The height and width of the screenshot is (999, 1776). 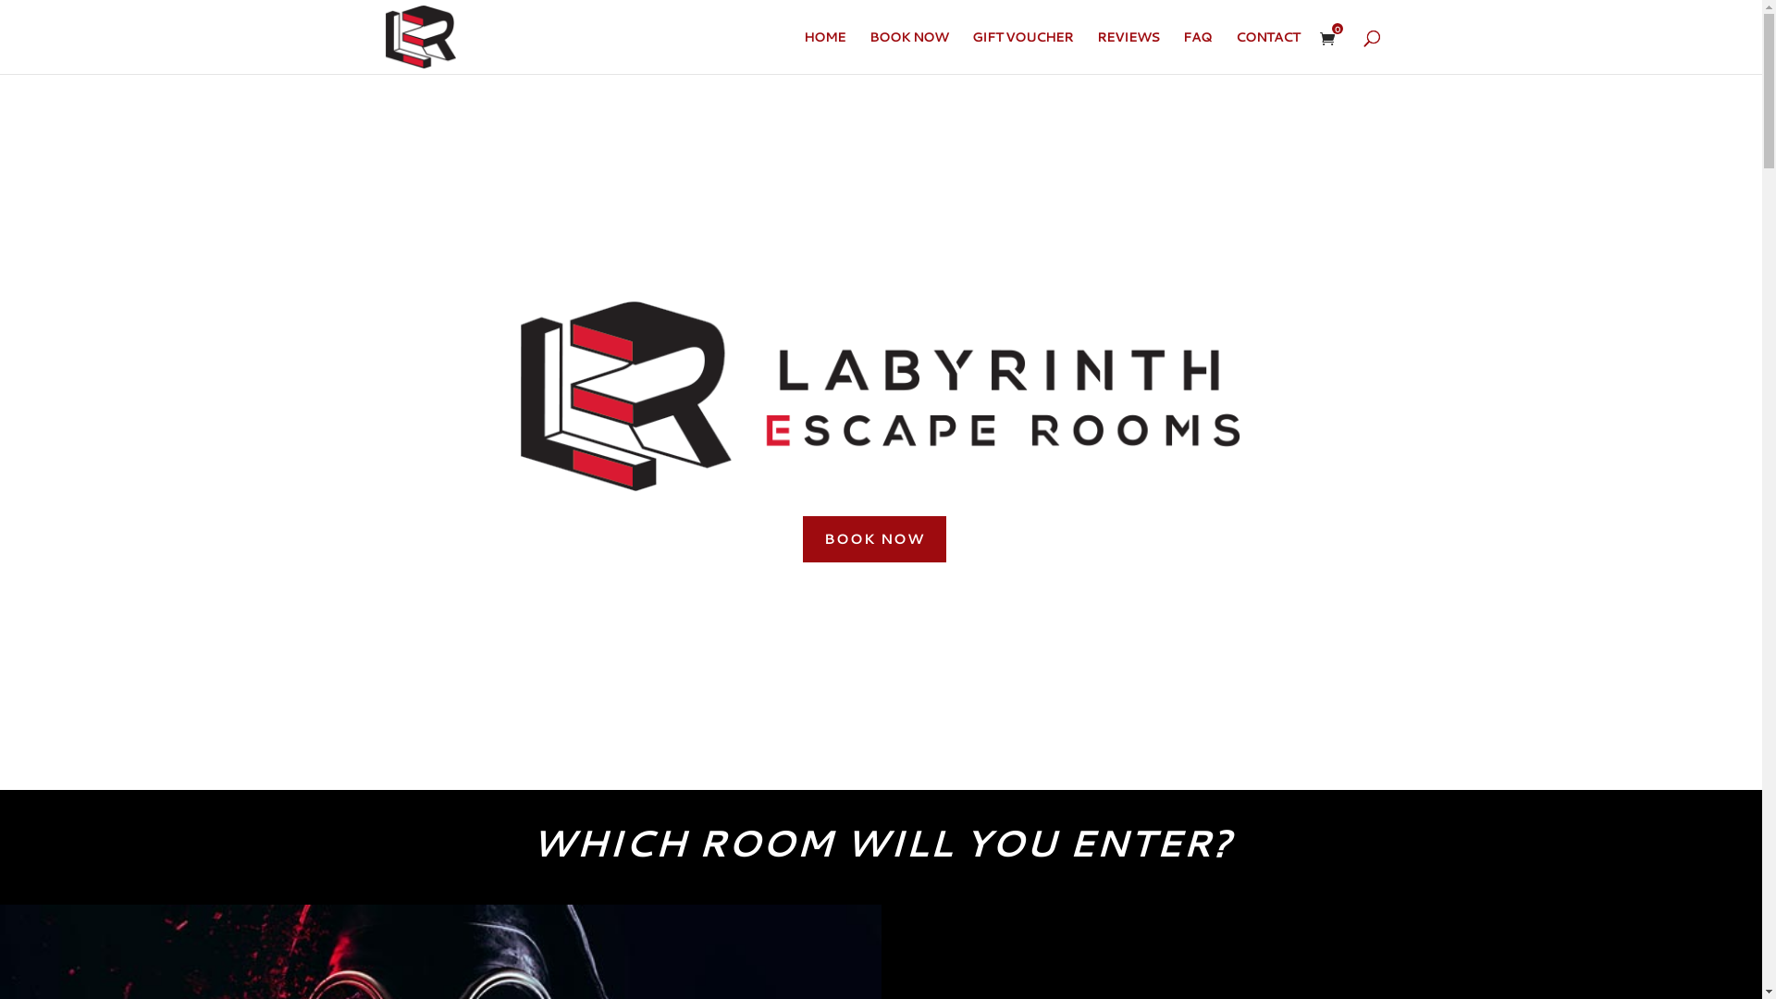 I want to click on 'BOOK NOW', so click(x=869, y=51).